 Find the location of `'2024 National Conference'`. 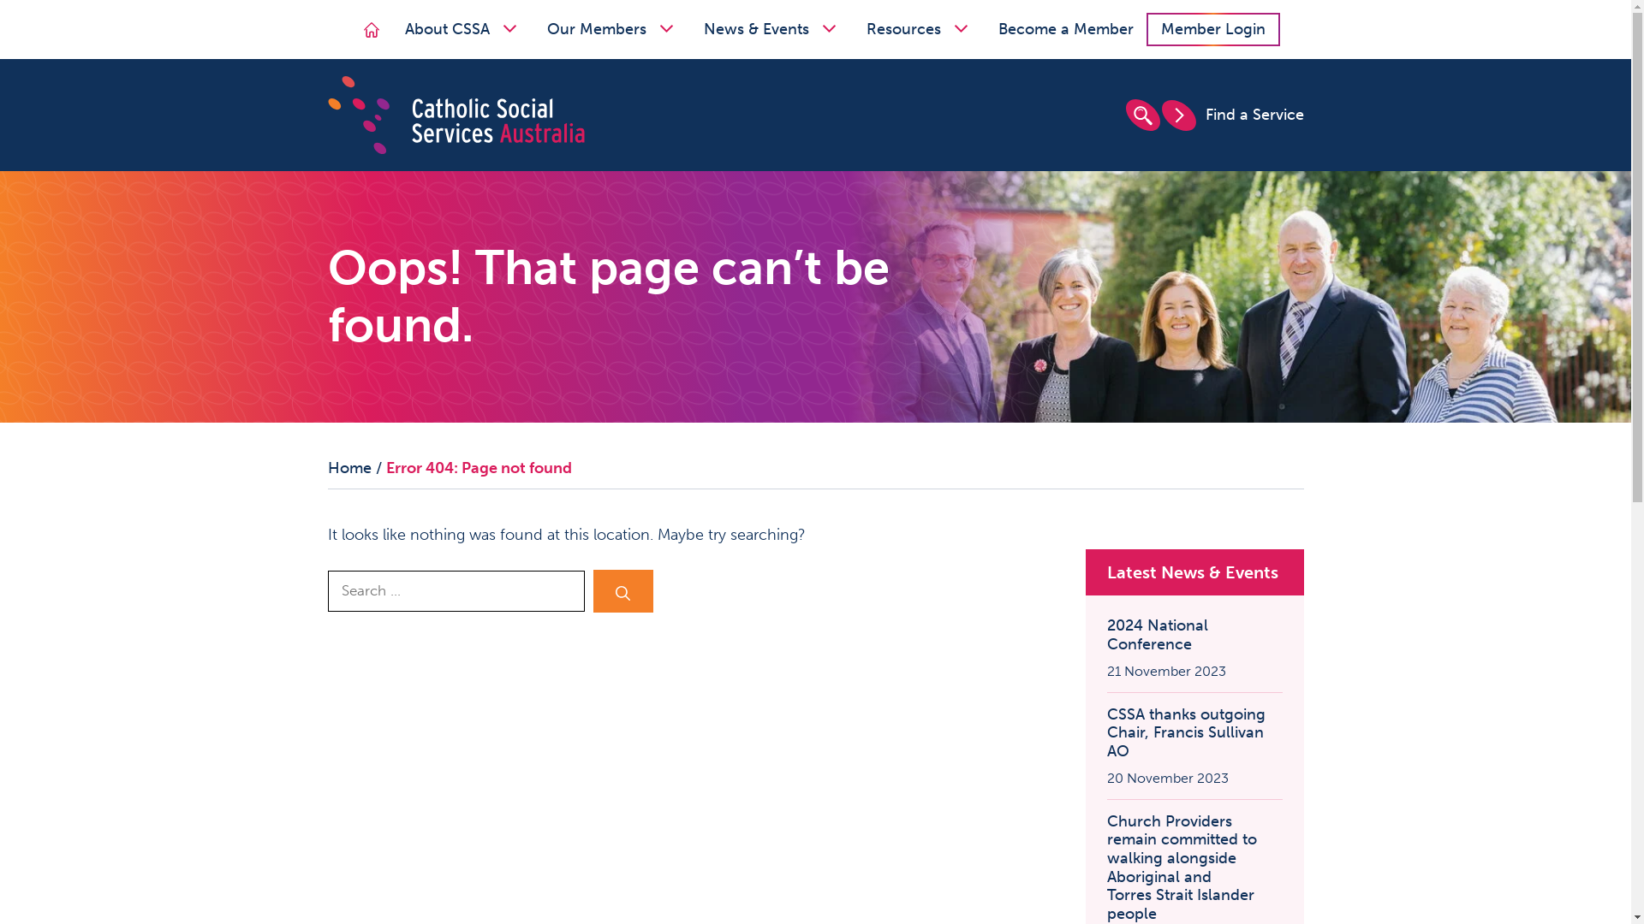

'2024 National Conference' is located at coordinates (1193, 635).